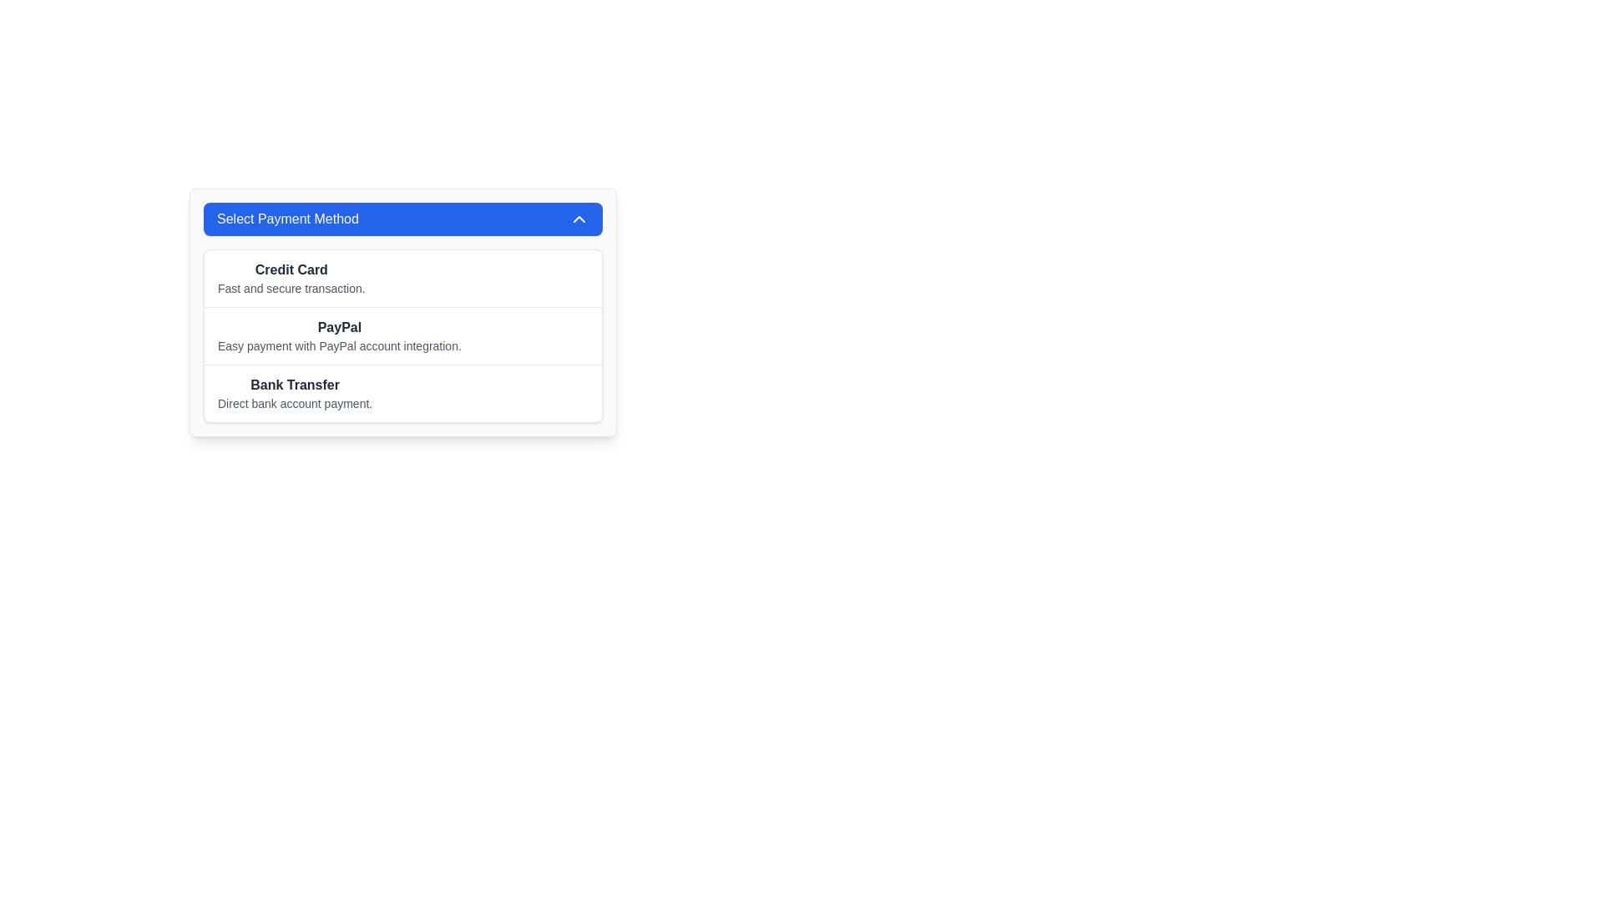 The height and width of the screenshot is (901, 1603). What do you see at coordinates (403, 392) in the screenshot?
I see `the 'Bank Transfer' option in the payment method selection list` at bounding box center [403, 392].